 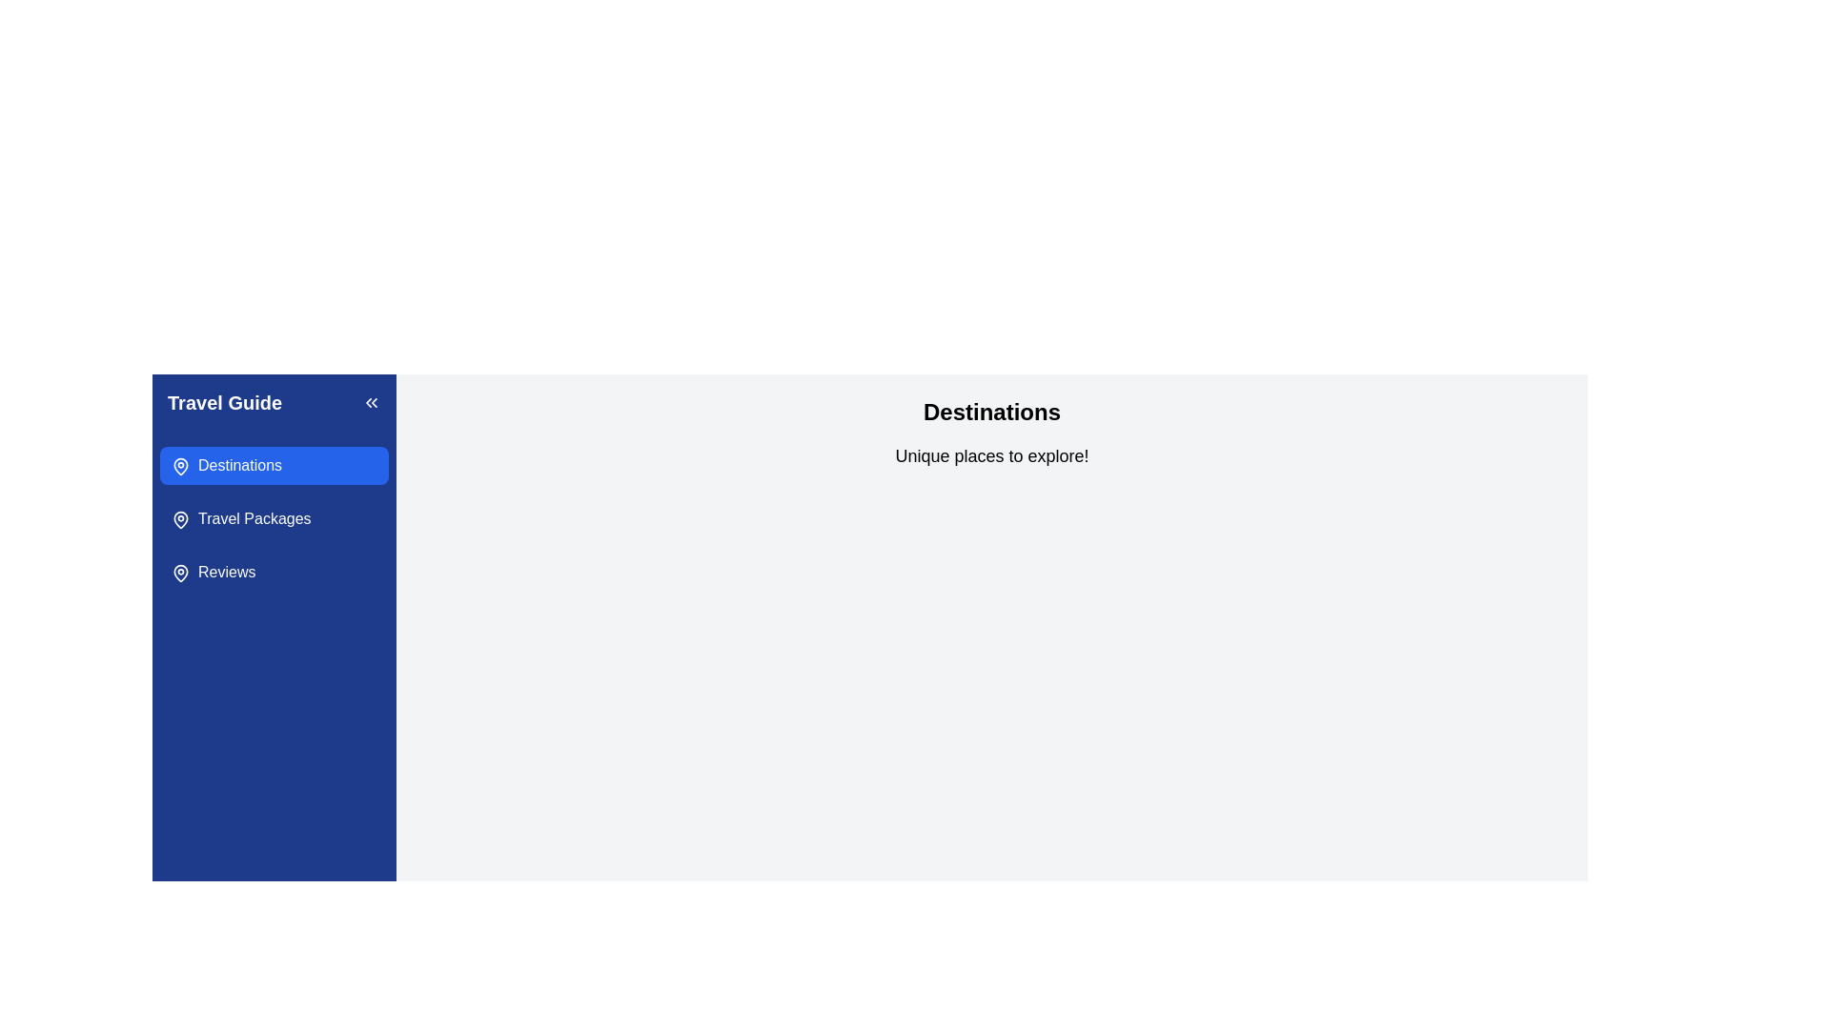 I want to click on the 'Travel Packages' text label, which is styled with a clean sans-serif font in white color against a blue background, so click(x=254, y=518).